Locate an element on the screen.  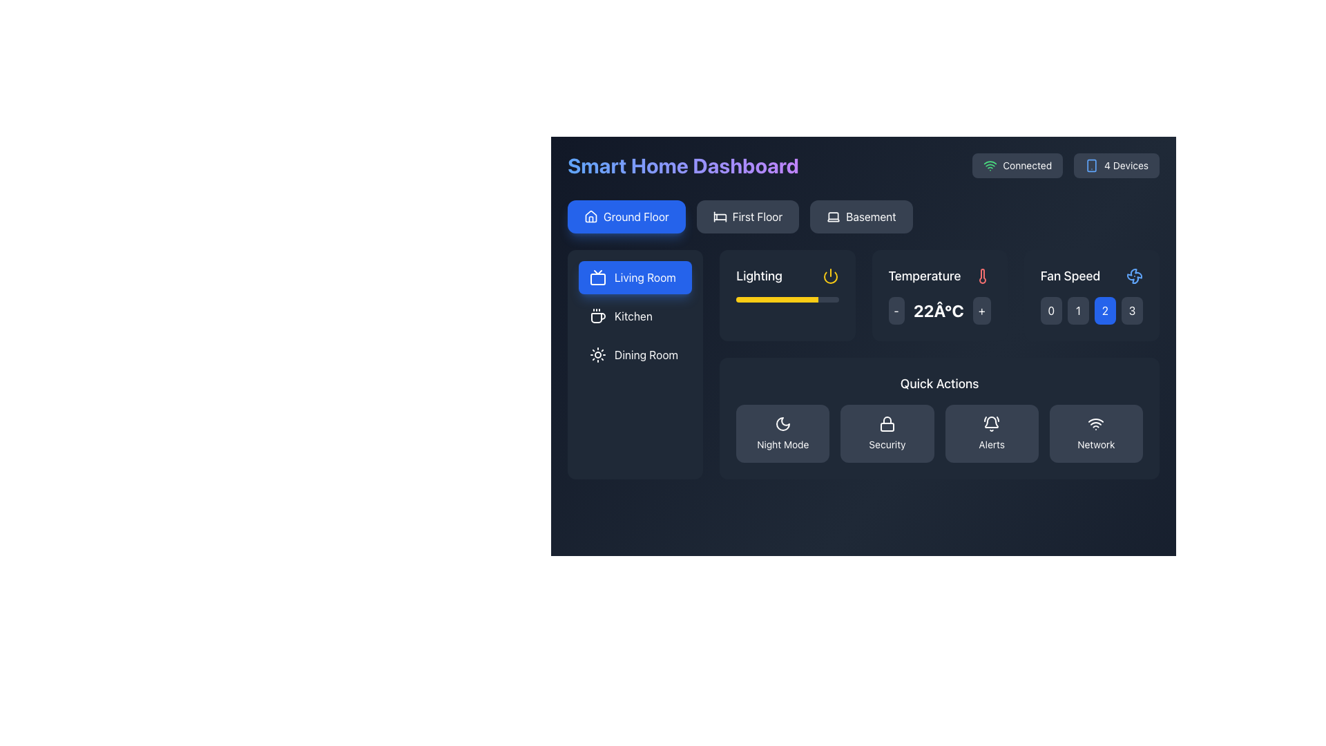
the static text element titled 'Smart Home Dashboard', which is displayed in a large, bold font with a gradient color styling from blue to purple, located at the top-left side of the interface is located at coordinates (683, 164).